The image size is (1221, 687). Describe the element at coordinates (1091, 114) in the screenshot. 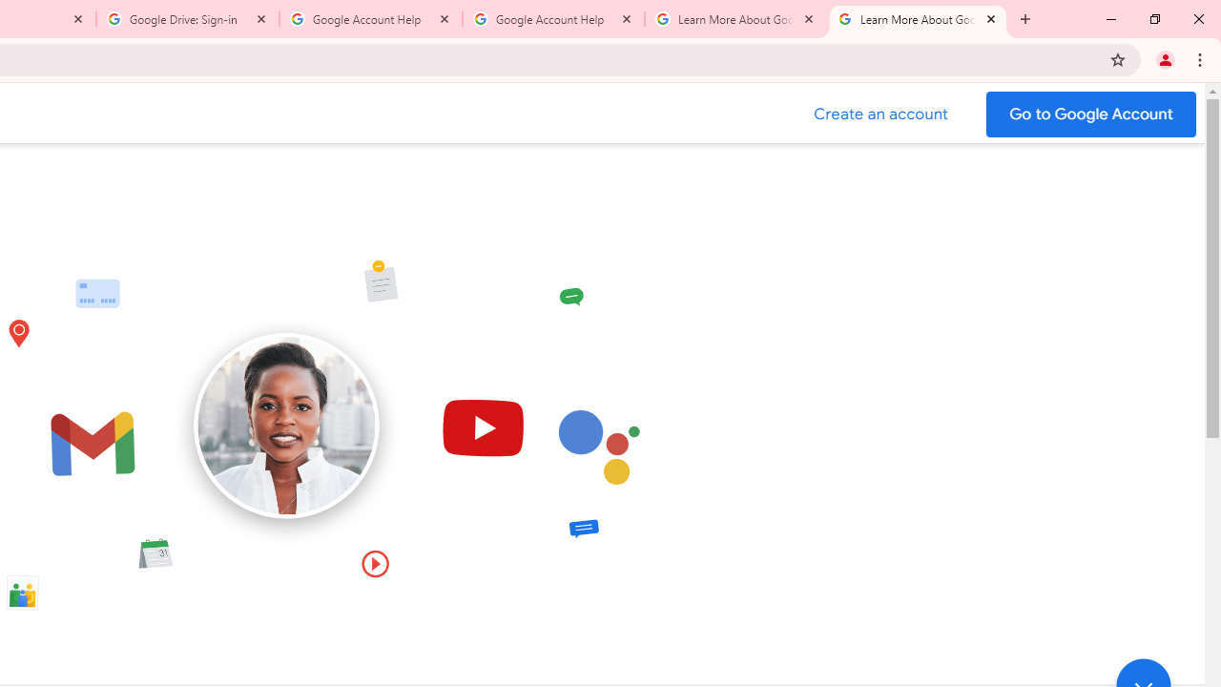

I see `'Go to your Google Account'` at that location.